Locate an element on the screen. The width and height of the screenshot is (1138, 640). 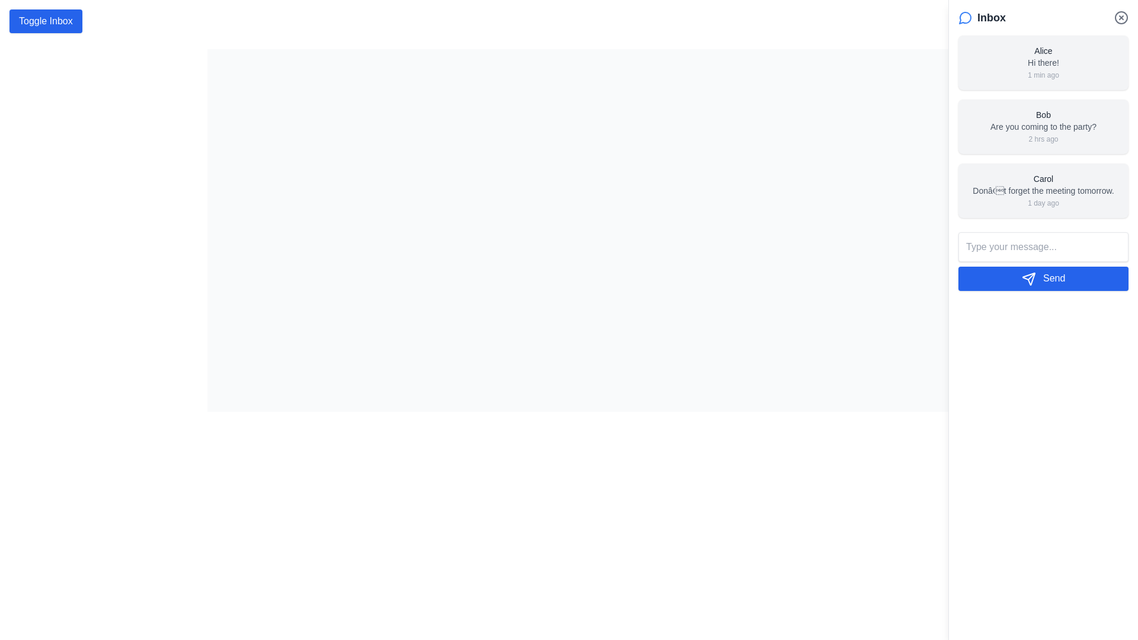
the 'Send' button, which is a rectangular button with a blue background and white text located at the lower part of the message panel on the right side of the interface is located at coordinates (1043, 279).